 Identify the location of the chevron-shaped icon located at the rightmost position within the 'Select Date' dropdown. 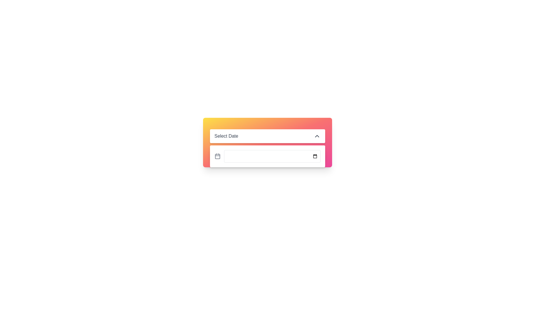
(317, 136).